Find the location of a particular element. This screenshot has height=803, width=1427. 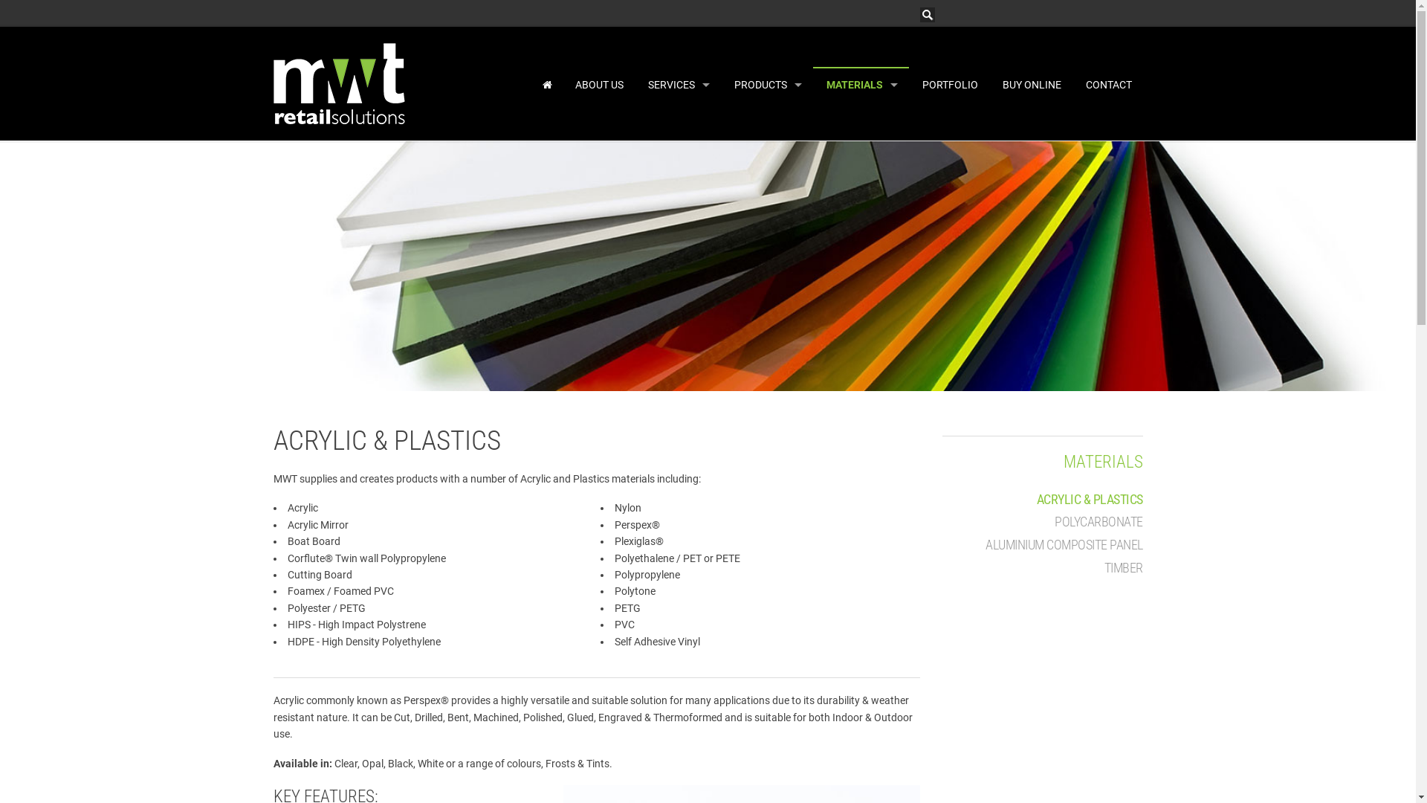

'CONTACT' is located at coordinates (1107, 84).